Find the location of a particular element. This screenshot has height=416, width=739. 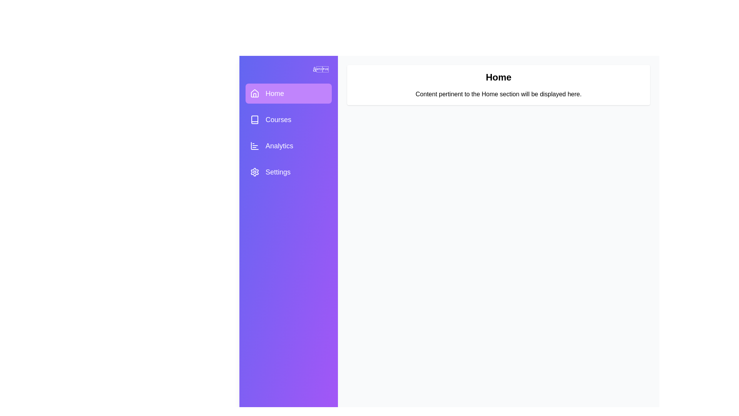

the Home tab to view its content is located at coordinates (288, 93).